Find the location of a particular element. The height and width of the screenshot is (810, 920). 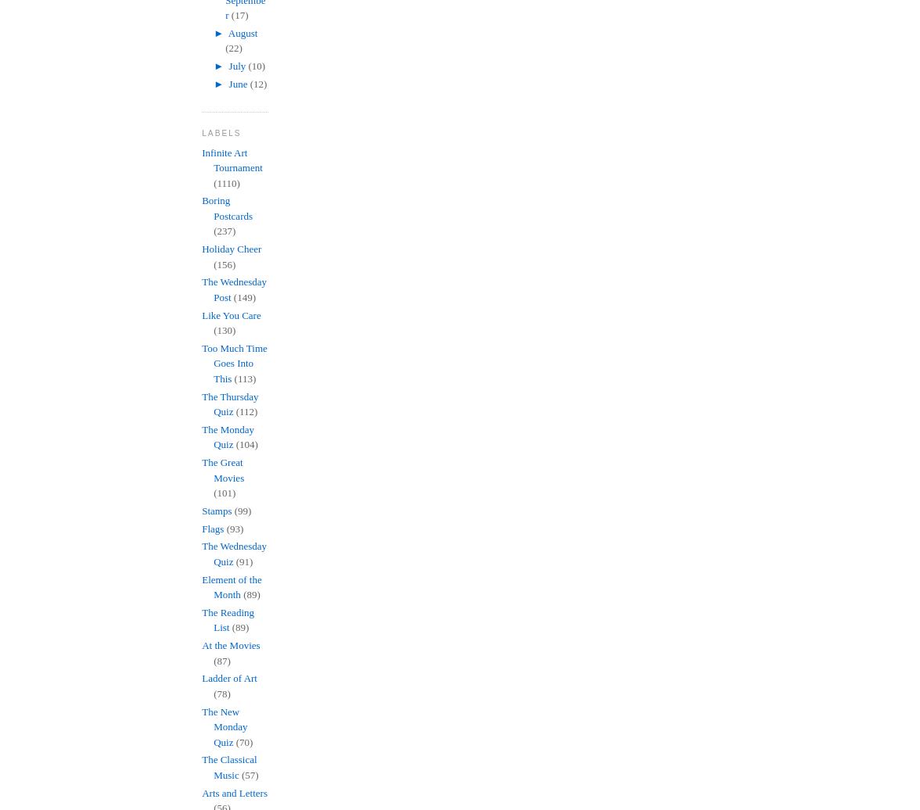

'The Wednesday Quiz' is located at coordinates (202, 554).